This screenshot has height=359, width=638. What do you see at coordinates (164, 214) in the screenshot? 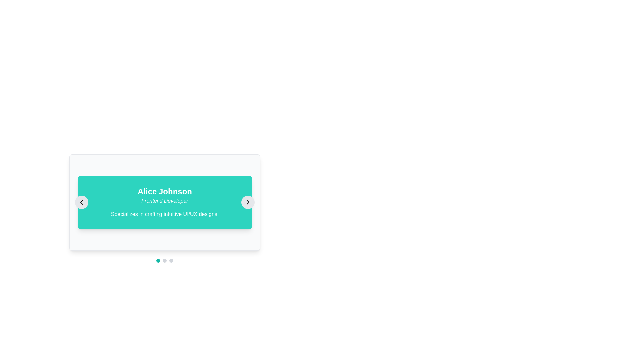
I see `the bottom-most text label within a teal card that supports the profile information, located below the text 'Frontend Developer.'` at bounding box center [164, 214].